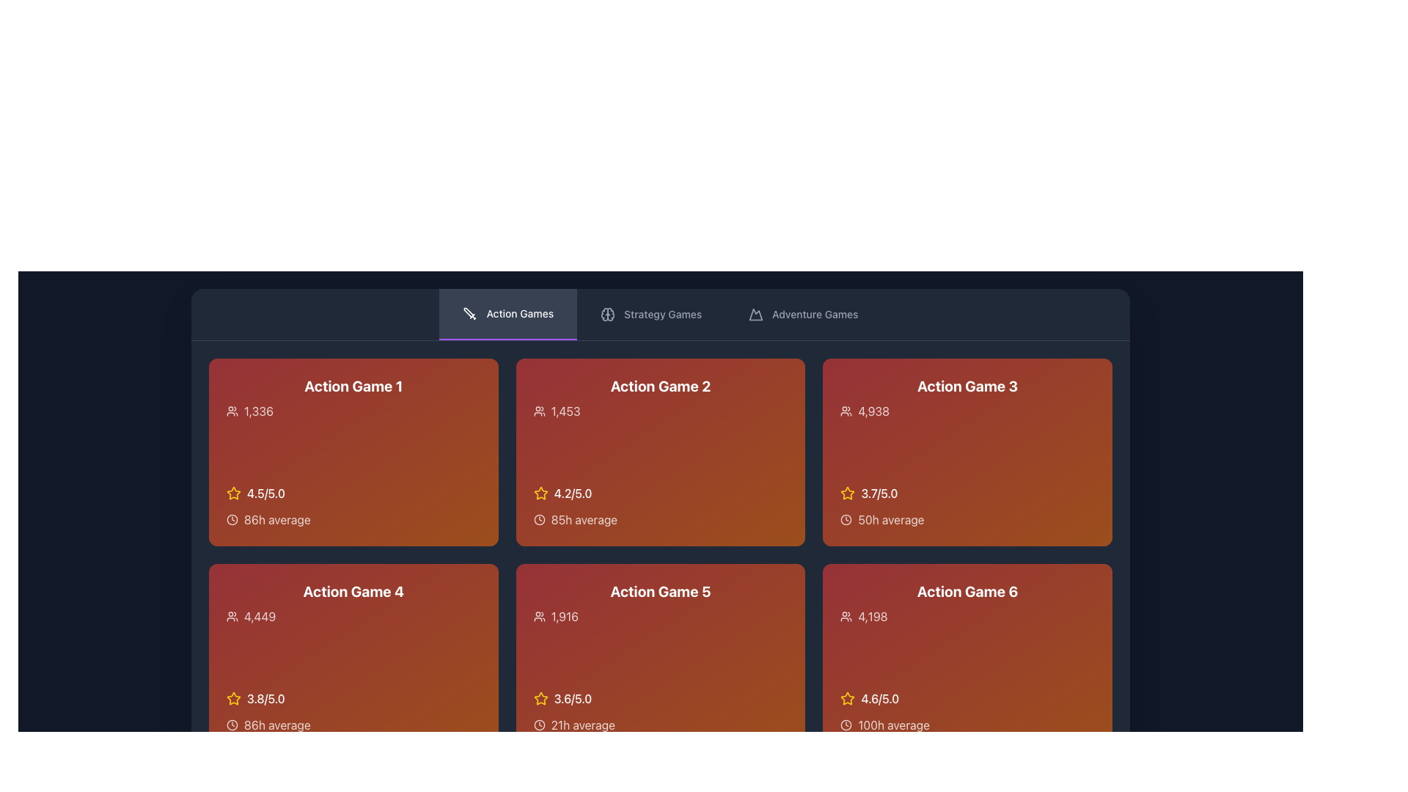 Image resolution: width=1408 pixels, height=792 pixels. What do you see at coordinates (520, 313) in the screenshot?
I see `the 'Action Games' category label in the navigation menu` at bounding box center [520, 313].